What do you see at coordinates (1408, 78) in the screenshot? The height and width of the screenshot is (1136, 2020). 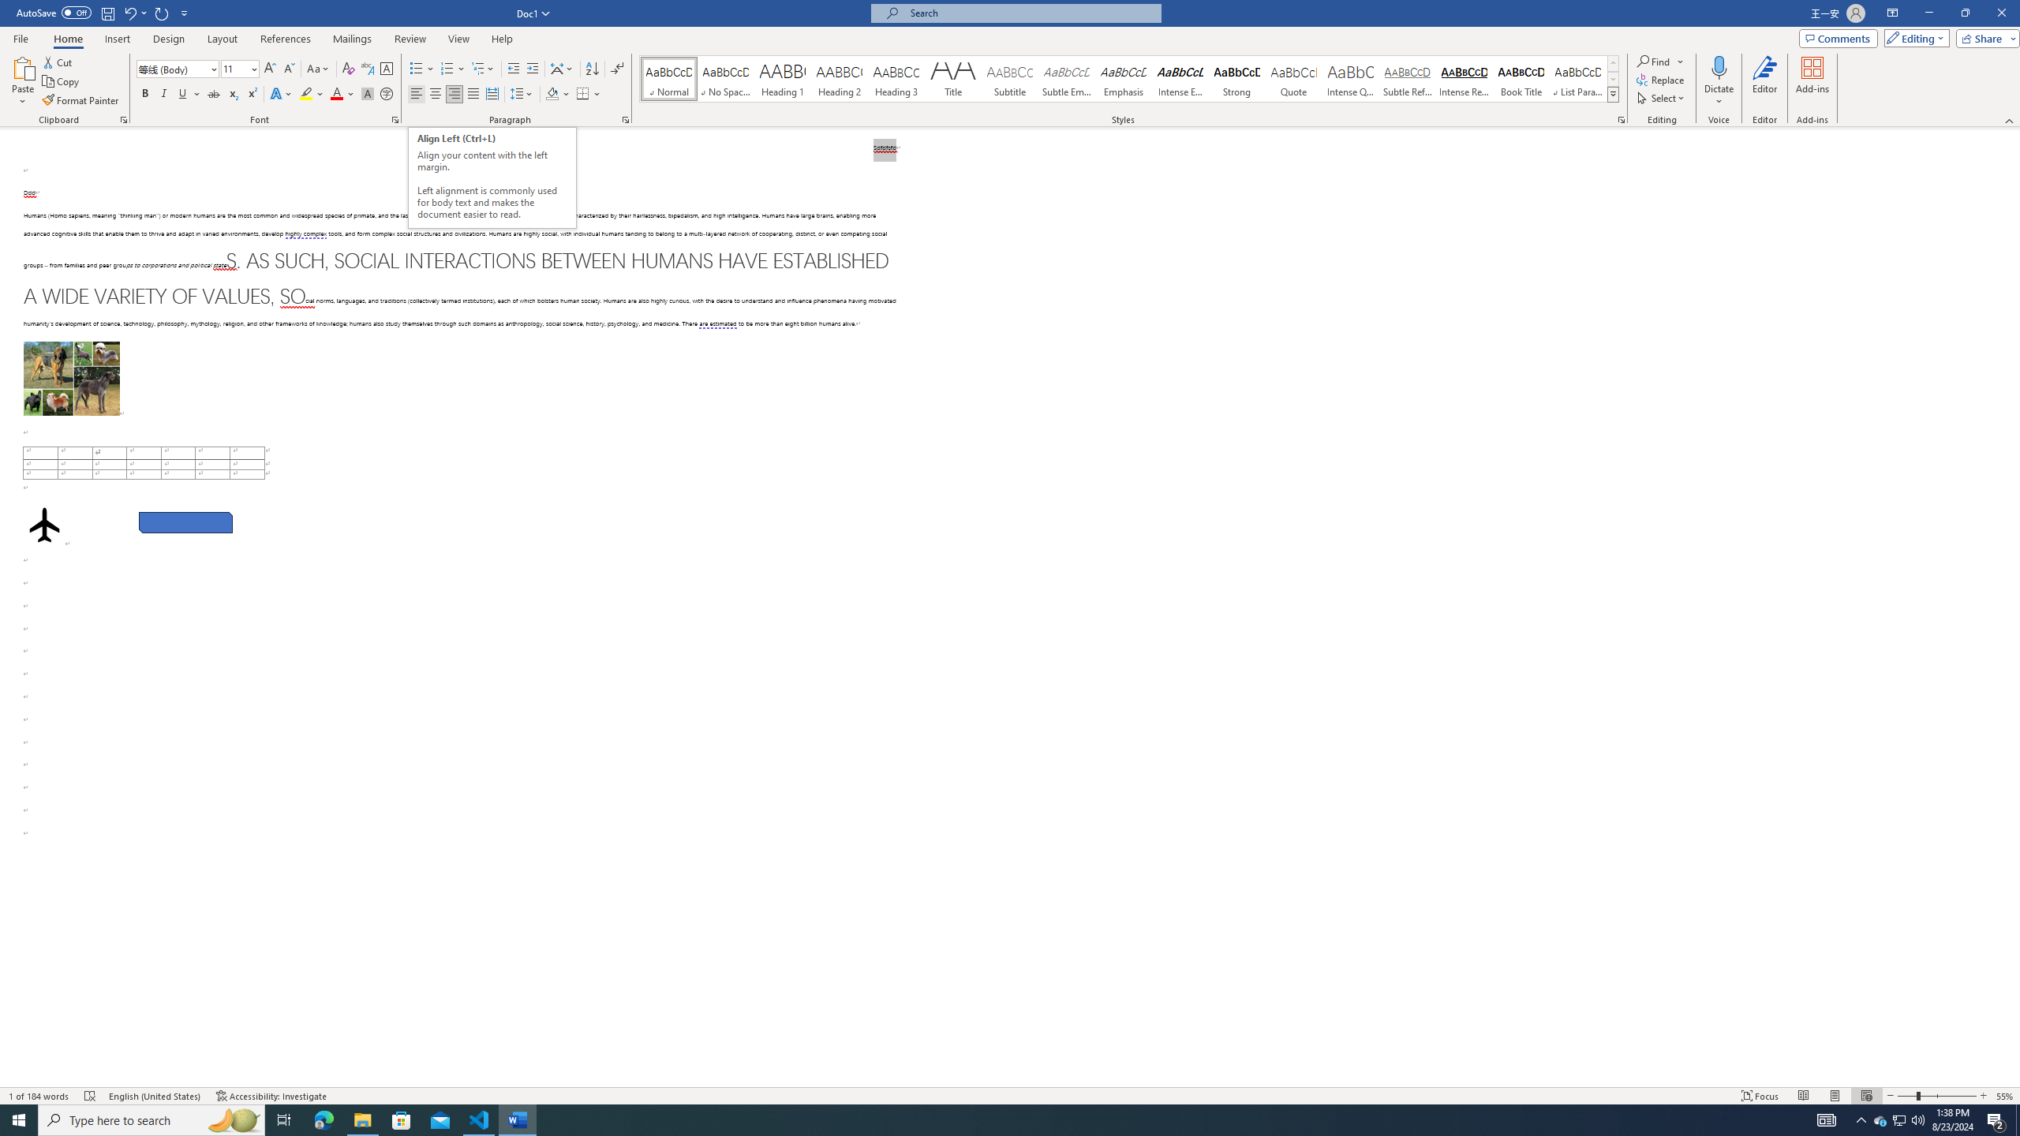 I see `'Subtle Reference'` at bounding box center [1408, 78].